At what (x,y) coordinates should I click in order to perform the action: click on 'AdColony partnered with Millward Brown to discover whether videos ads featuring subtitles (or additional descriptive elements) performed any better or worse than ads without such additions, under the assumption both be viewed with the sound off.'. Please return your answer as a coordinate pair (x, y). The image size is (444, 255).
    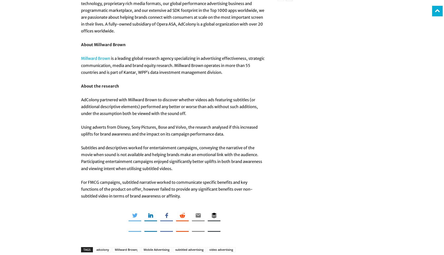
    Looking at the image, I should click on (81, 106).